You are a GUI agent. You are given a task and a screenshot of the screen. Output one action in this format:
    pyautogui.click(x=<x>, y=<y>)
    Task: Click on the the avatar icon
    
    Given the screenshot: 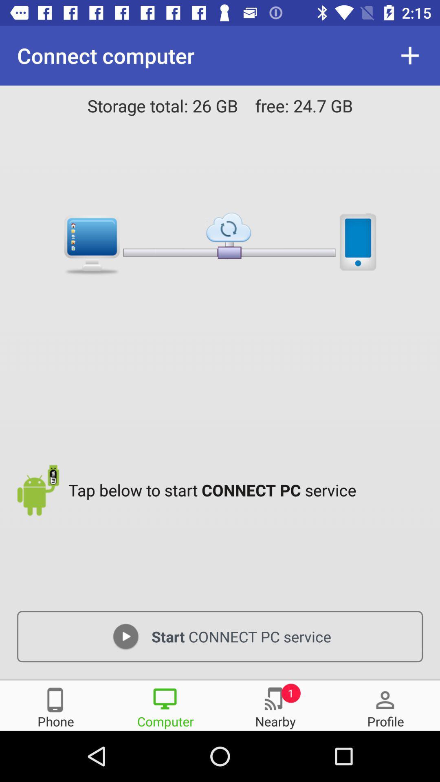 What is the action you would take?
    pyautogui.click(x=385, y=705)
    